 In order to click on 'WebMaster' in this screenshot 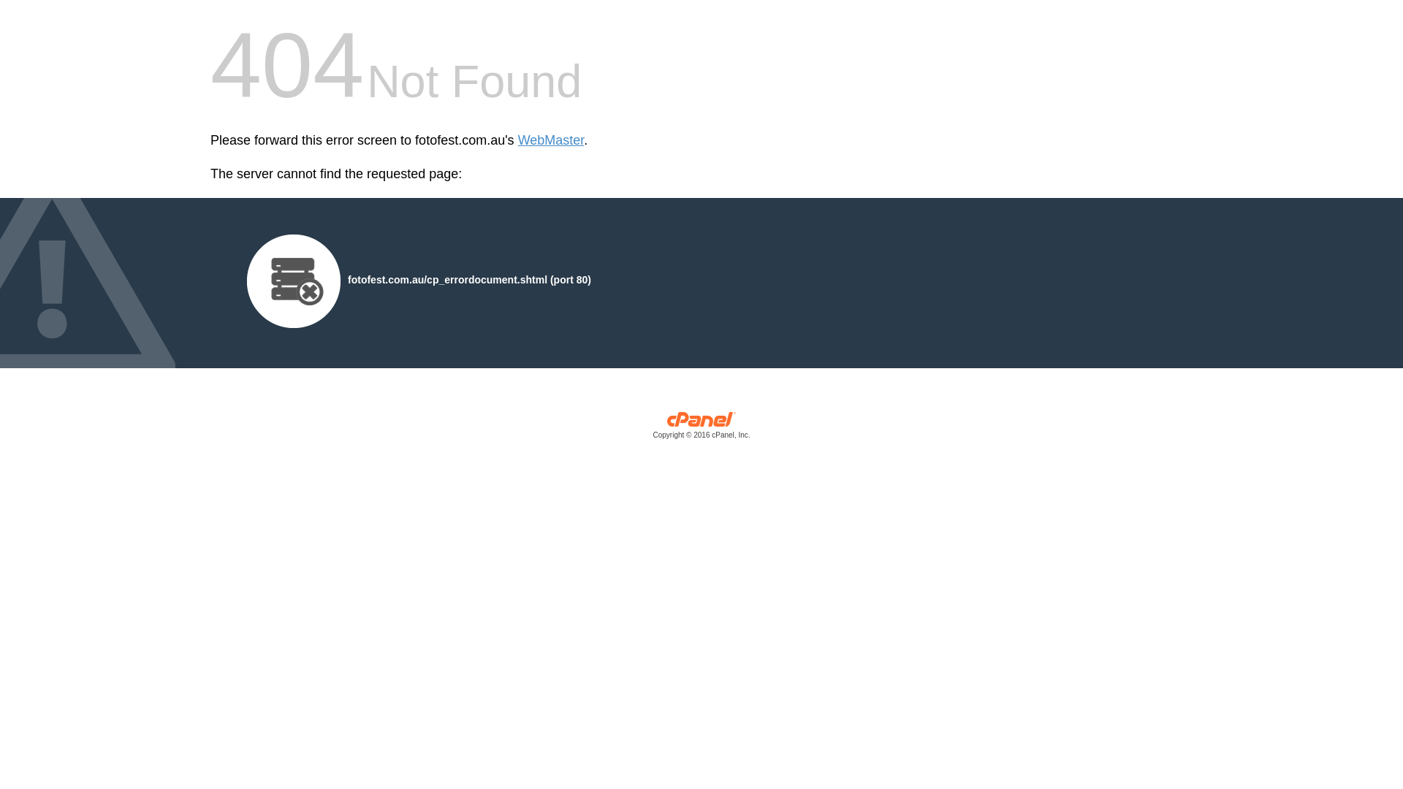, I will do `click(550, 140)`.